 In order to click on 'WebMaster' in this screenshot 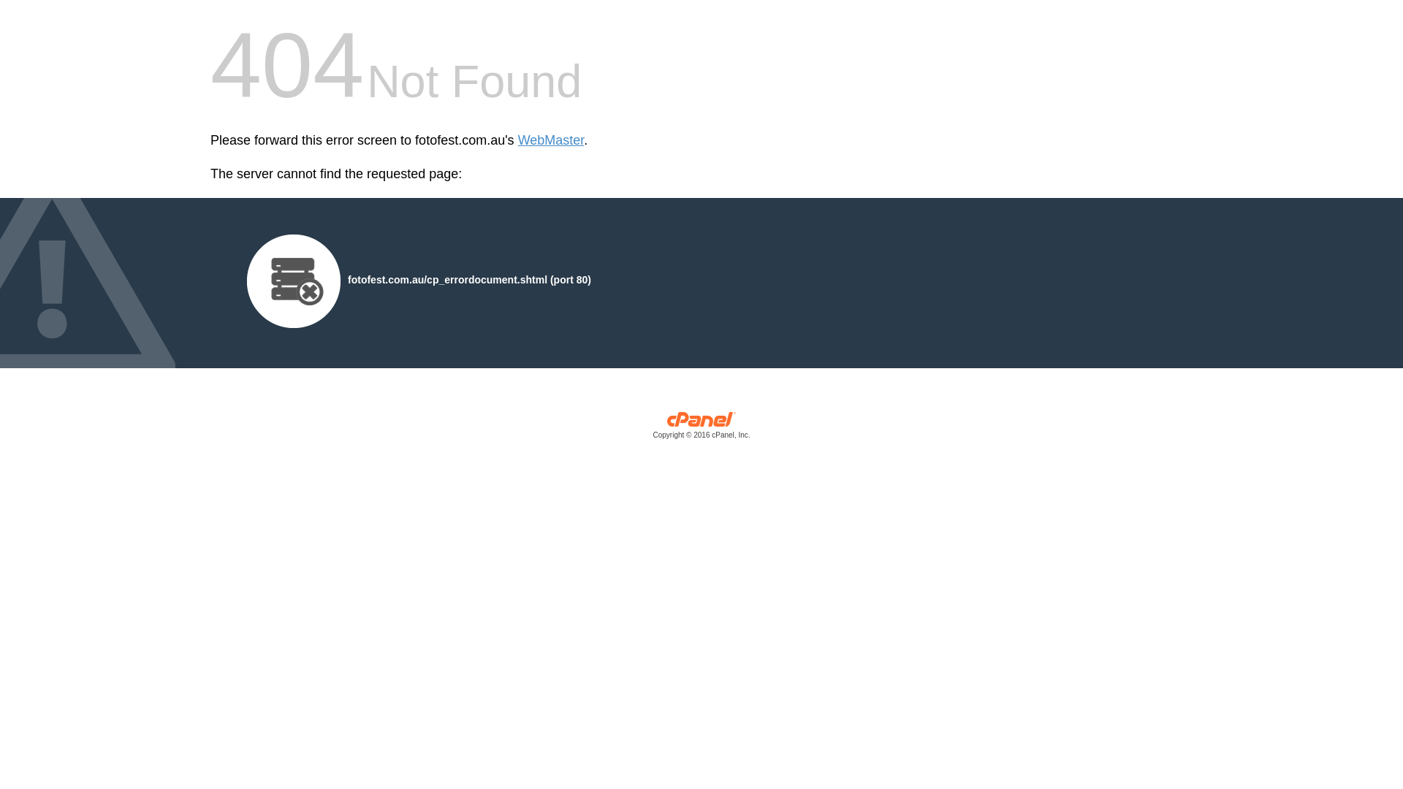, I will do `click(550, 140)`.